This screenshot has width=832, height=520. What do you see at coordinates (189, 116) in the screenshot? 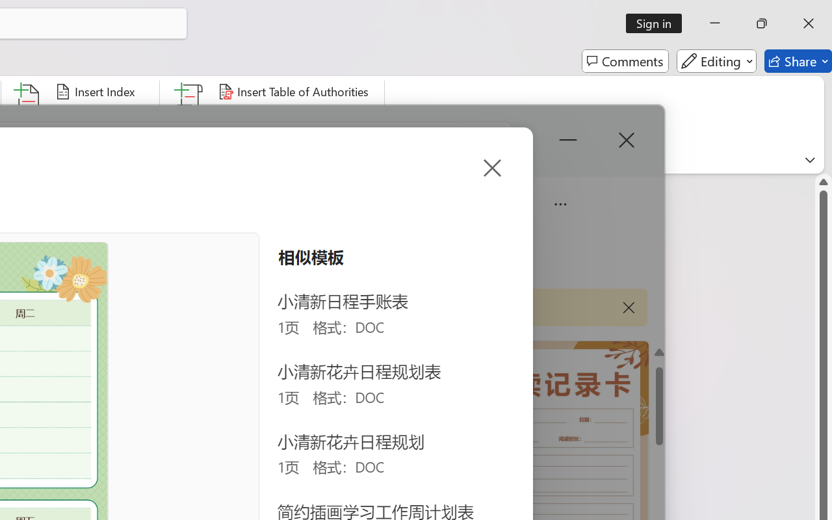
I see `'Mark Citation...'` at bounding box center [189, 116].